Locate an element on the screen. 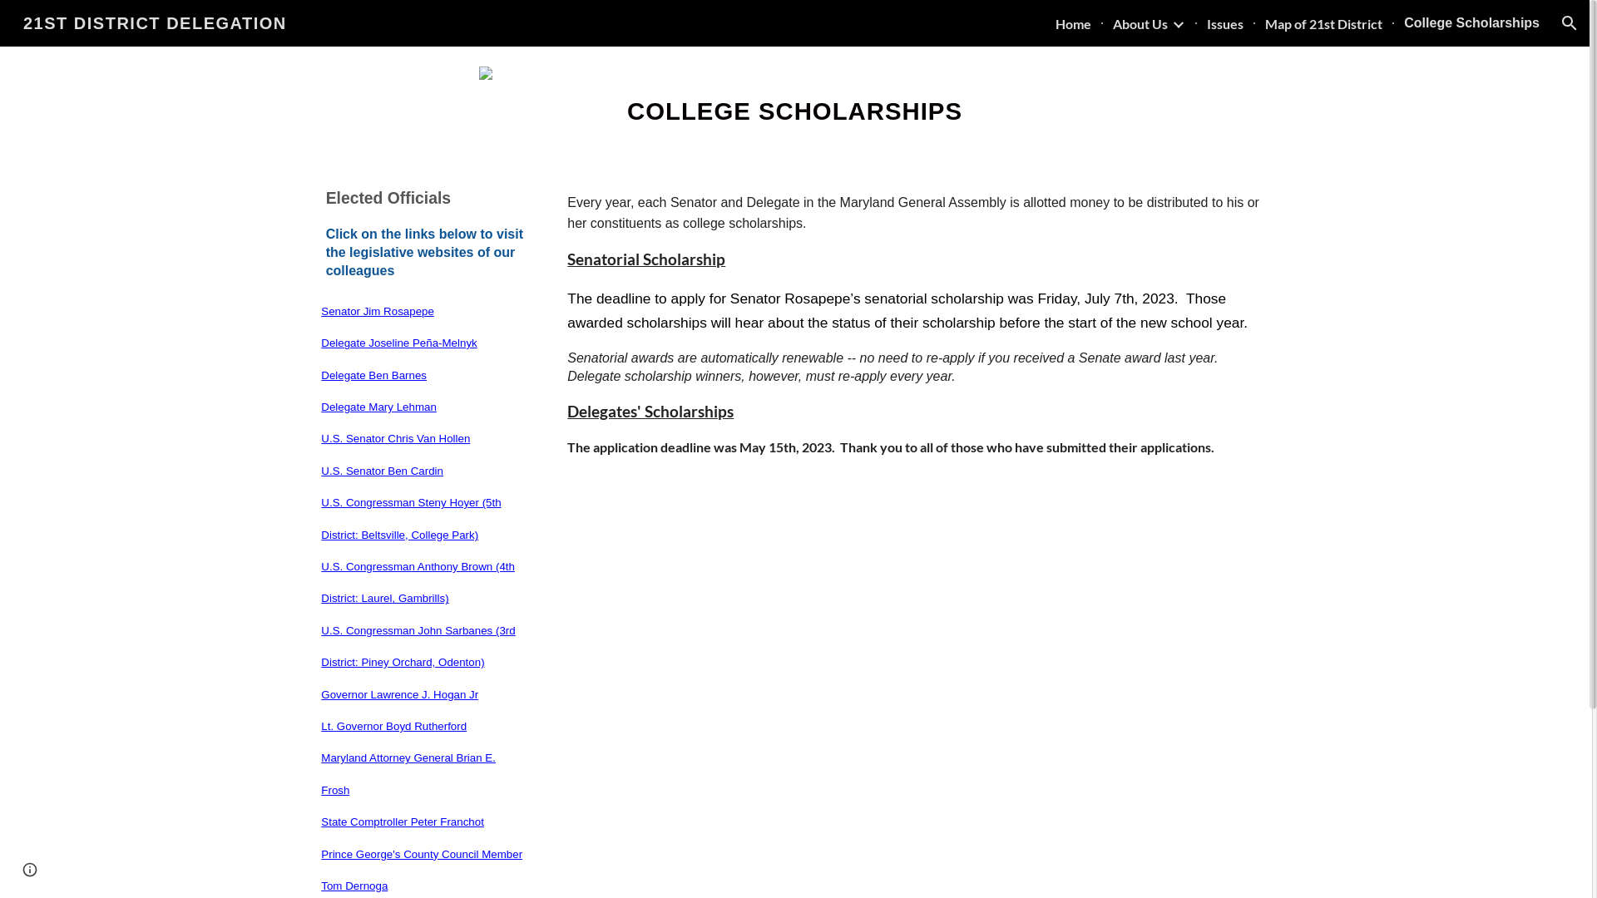 The image size is (1597, 898). 'College Scholarships' is located at coordinates (1471, 22).